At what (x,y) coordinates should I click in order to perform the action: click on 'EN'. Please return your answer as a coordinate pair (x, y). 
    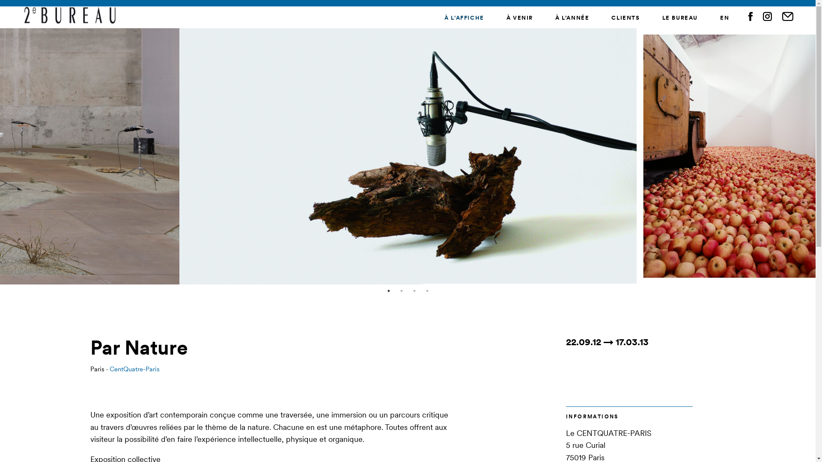
    Looking at the image, I should click on (724, 18).